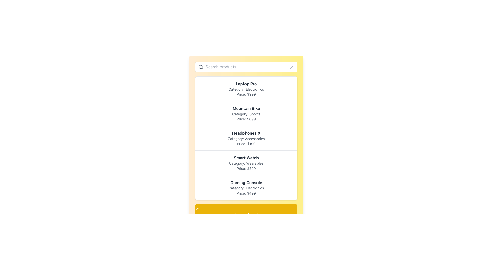 This screenshot has width=490, height=275. I want to click on the circular graphical element that is part of the search icon, located at the top-left corner of the search bar, so click(200, 67).